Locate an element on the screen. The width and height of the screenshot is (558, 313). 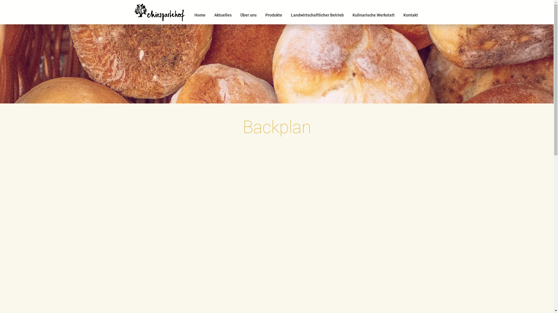
'Landwirtschaftlicher Betrieb' is located at coordinates (317, 15).